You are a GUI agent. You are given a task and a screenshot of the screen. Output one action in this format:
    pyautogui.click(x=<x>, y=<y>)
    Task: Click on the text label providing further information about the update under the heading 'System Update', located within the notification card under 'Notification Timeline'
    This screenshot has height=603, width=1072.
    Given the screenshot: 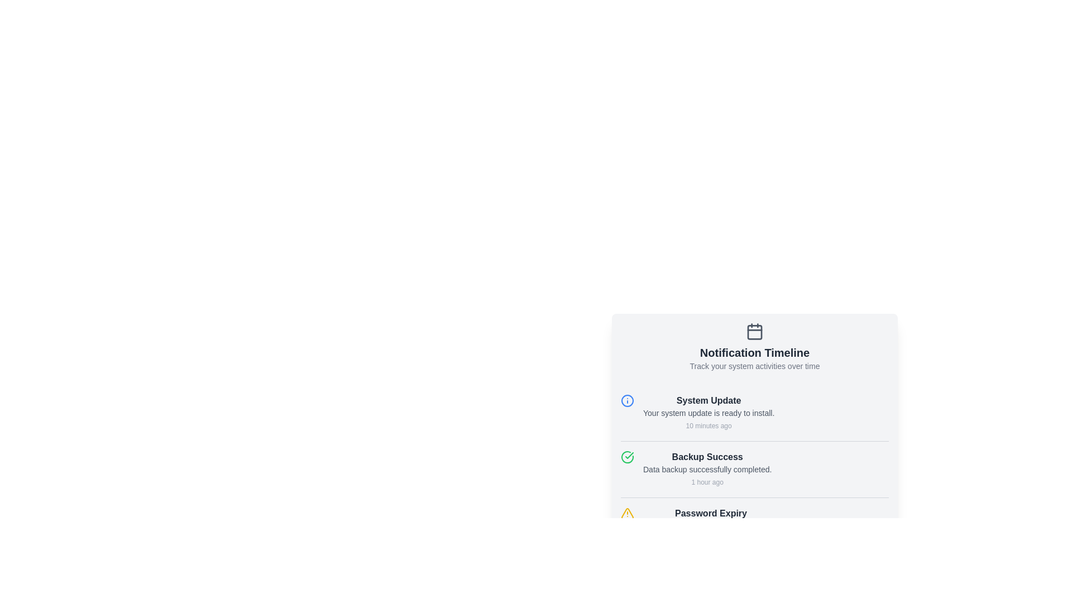 What is the action you would take?
    pyautogui.click(x=708, y=413)
    